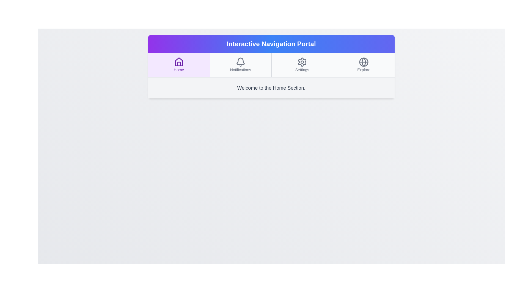 This screenshot has height=297, width=528. Describe the element at coordinates (271, 88) in the screenshot. I see `the text block that reads 'Welcome to the Home Section.' which is styled with a centered alignment and a light gray background, positioned below the navigation bar` at that location.